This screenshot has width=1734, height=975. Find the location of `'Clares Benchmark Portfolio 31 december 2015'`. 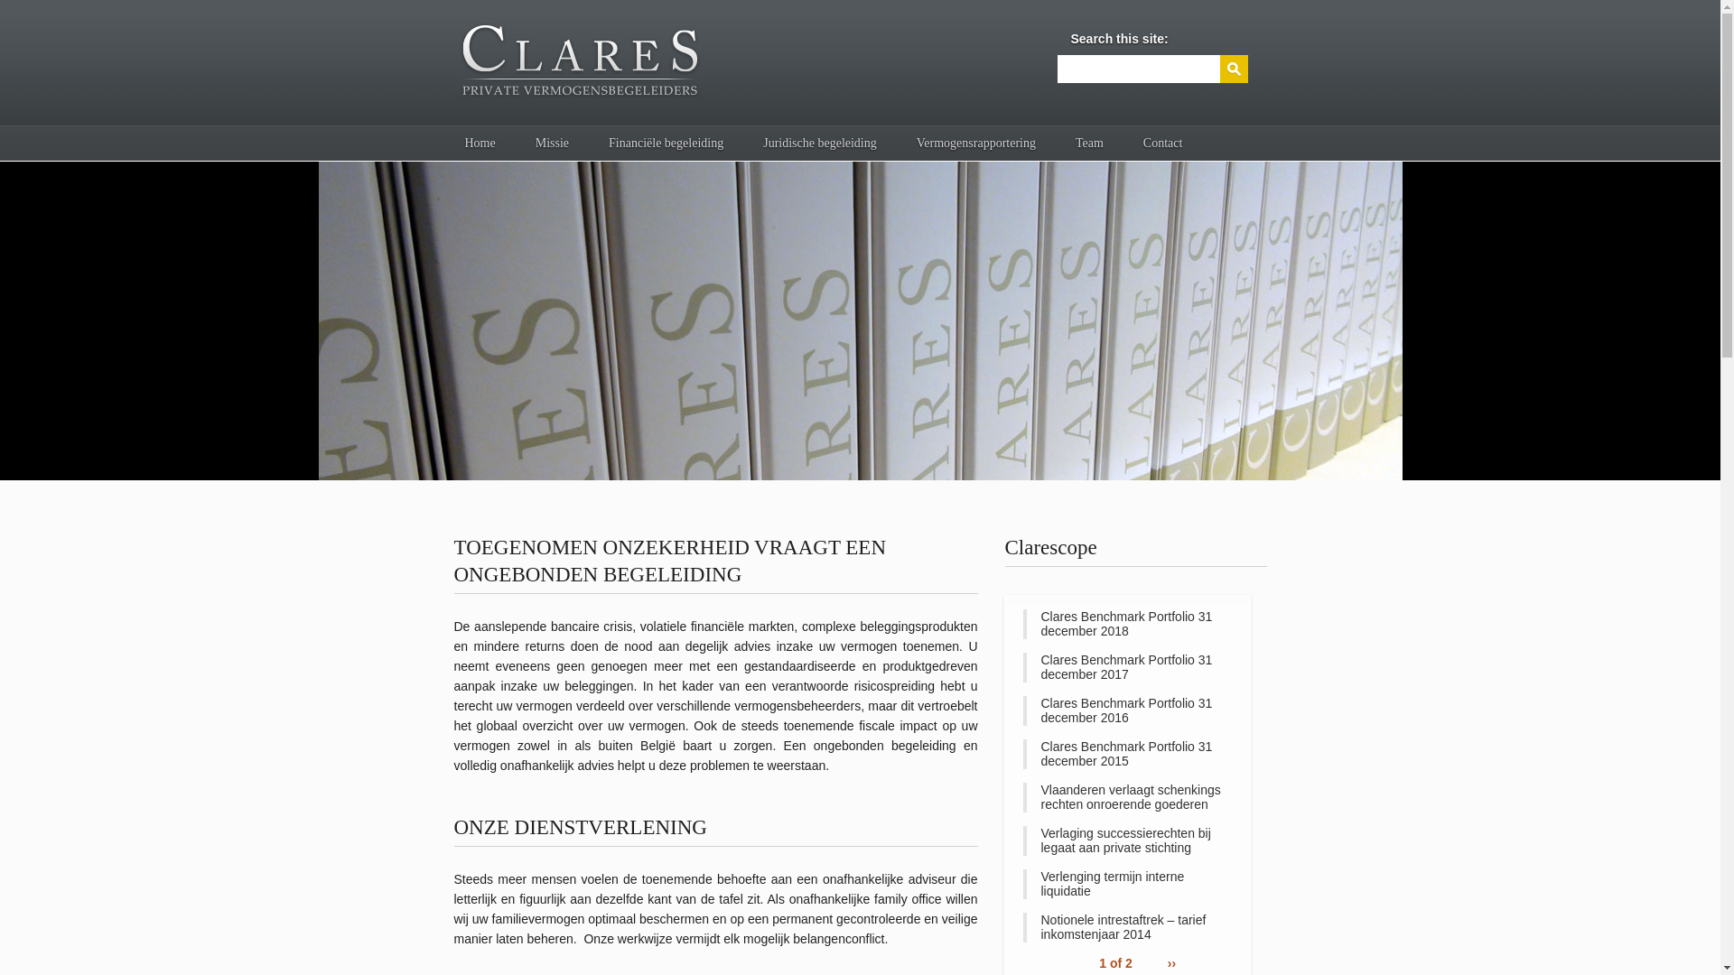

'Clares Benchmark Portfolio 31 december 2015' is located at coordinates (1125, 754).